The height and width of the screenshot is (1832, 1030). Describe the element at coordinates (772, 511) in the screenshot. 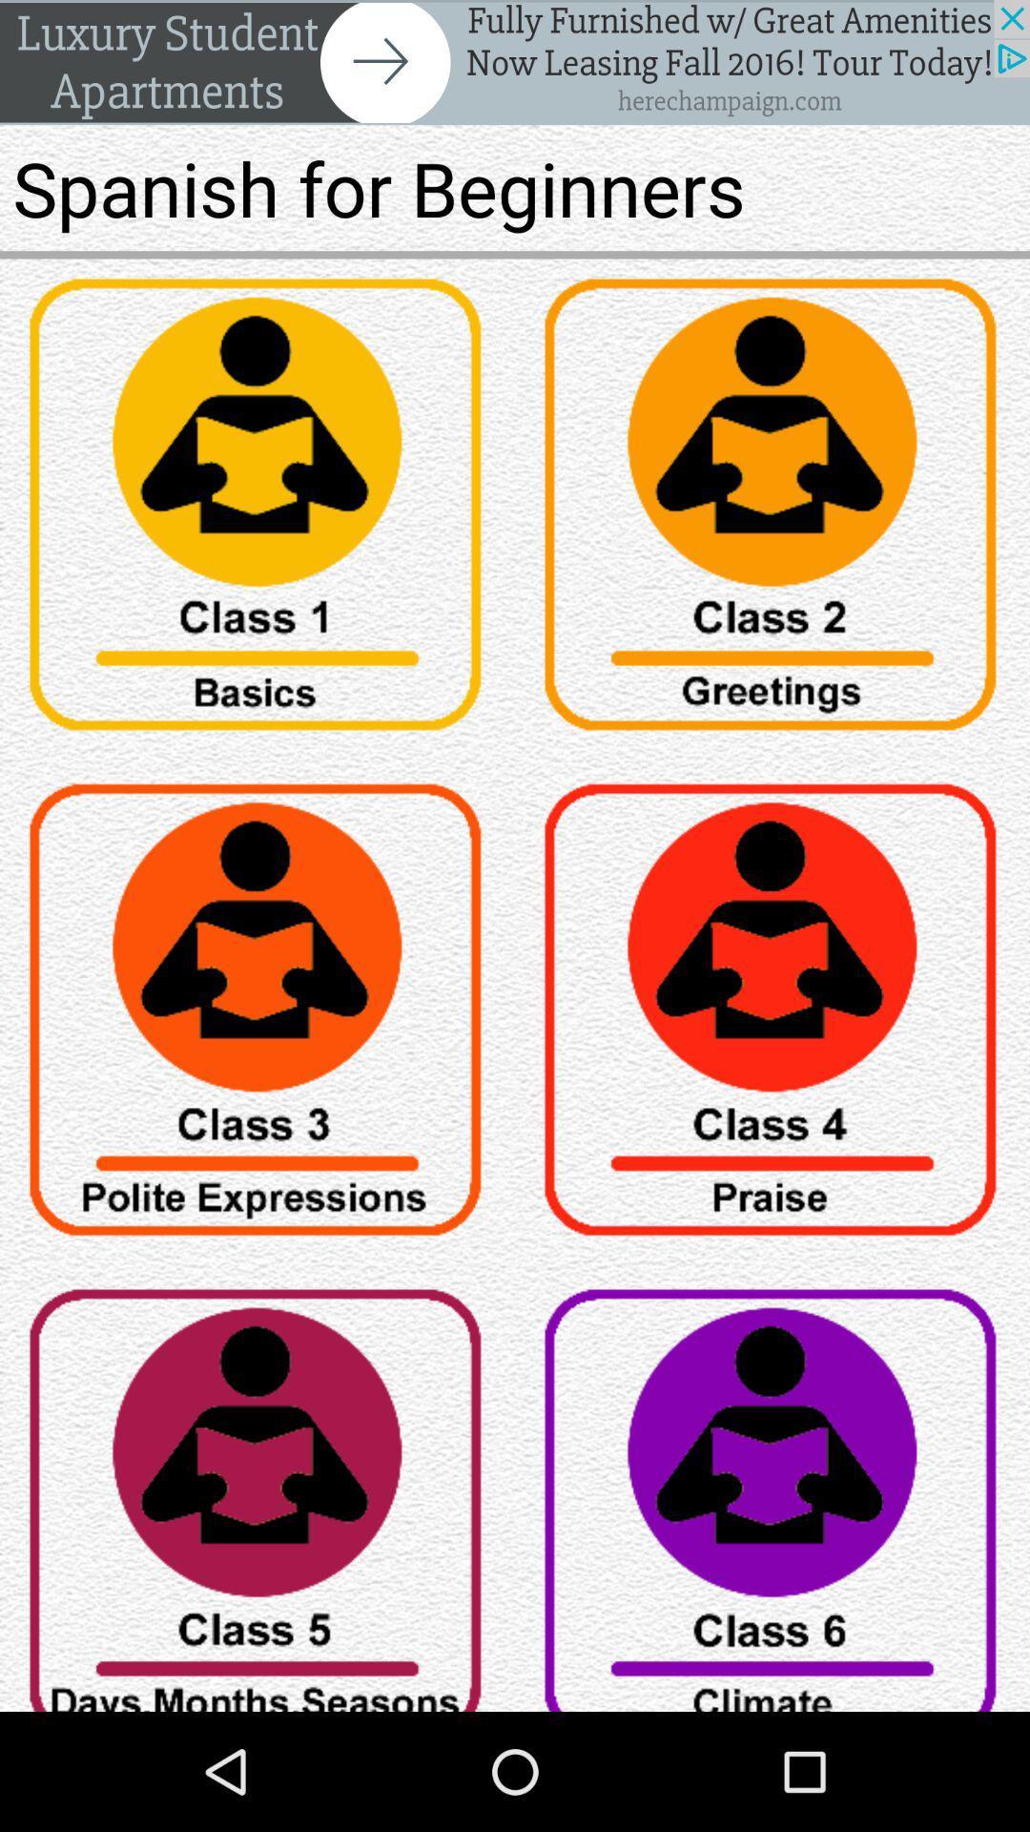

I see `do the test` at that location.